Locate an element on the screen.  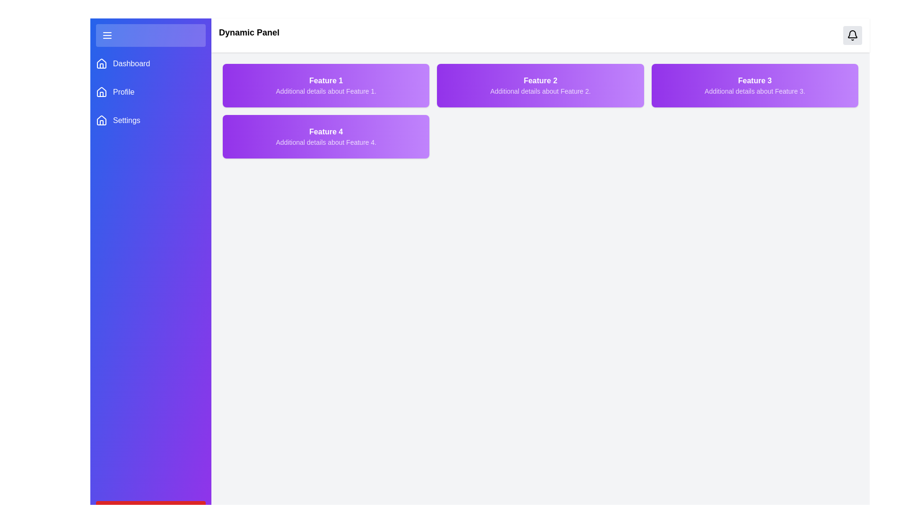
the outlined bell-shaped notification icon located is located at coordinates (853, 35).